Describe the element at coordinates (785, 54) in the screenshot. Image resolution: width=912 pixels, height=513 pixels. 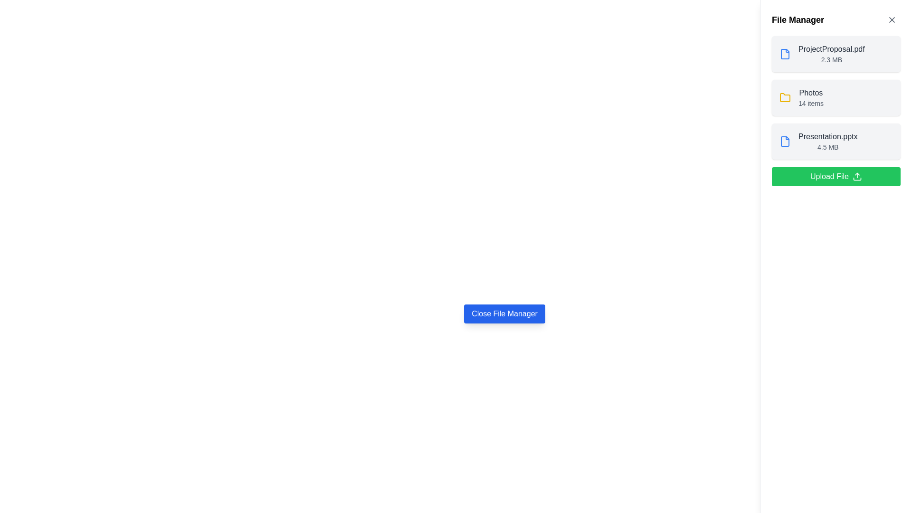
I see `the visual representation of the PDF file type icon located on the right side of the 'File Manager' section, associated with the item labeled 'ProjectProposal.pdf'` at that location.